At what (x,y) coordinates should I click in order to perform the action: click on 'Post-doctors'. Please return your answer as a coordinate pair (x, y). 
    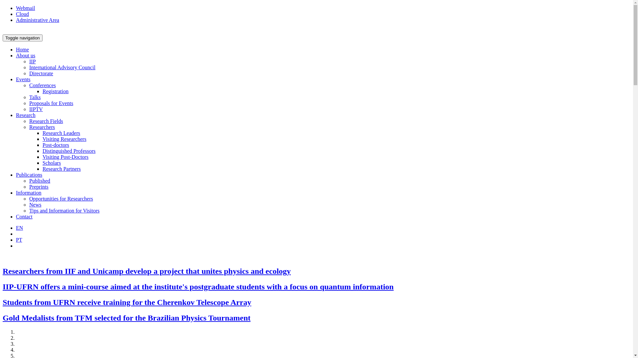
    Looking at the image, I should click on (56, 145).